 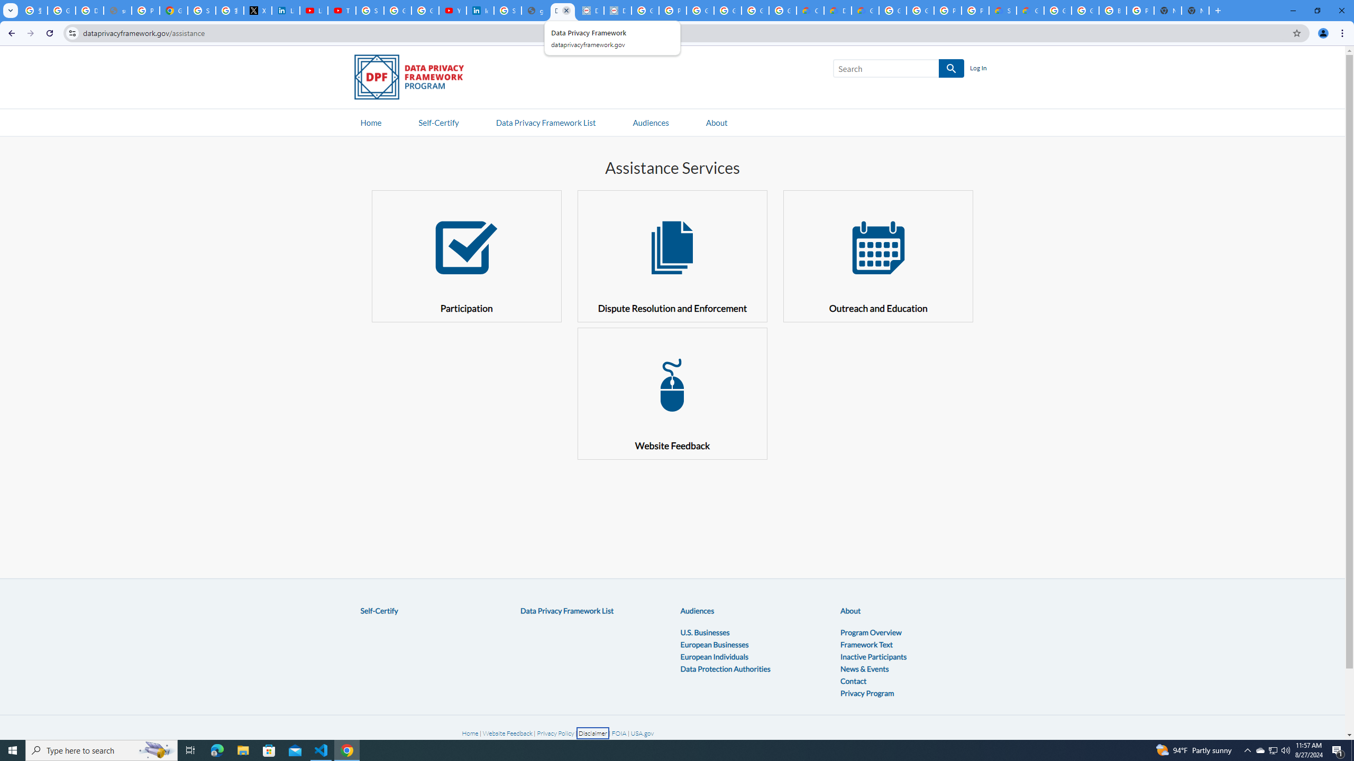 What do you see at coordinates (593, 732) in the screenshot?
I see `'Disclaimer'` at bounding box center [593, 732].